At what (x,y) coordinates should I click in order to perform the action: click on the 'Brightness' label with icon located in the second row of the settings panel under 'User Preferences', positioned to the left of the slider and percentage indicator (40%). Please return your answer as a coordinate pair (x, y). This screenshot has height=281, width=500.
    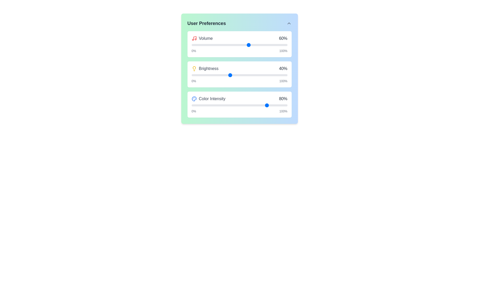
    Looking at the image, I should click on (205, 68).